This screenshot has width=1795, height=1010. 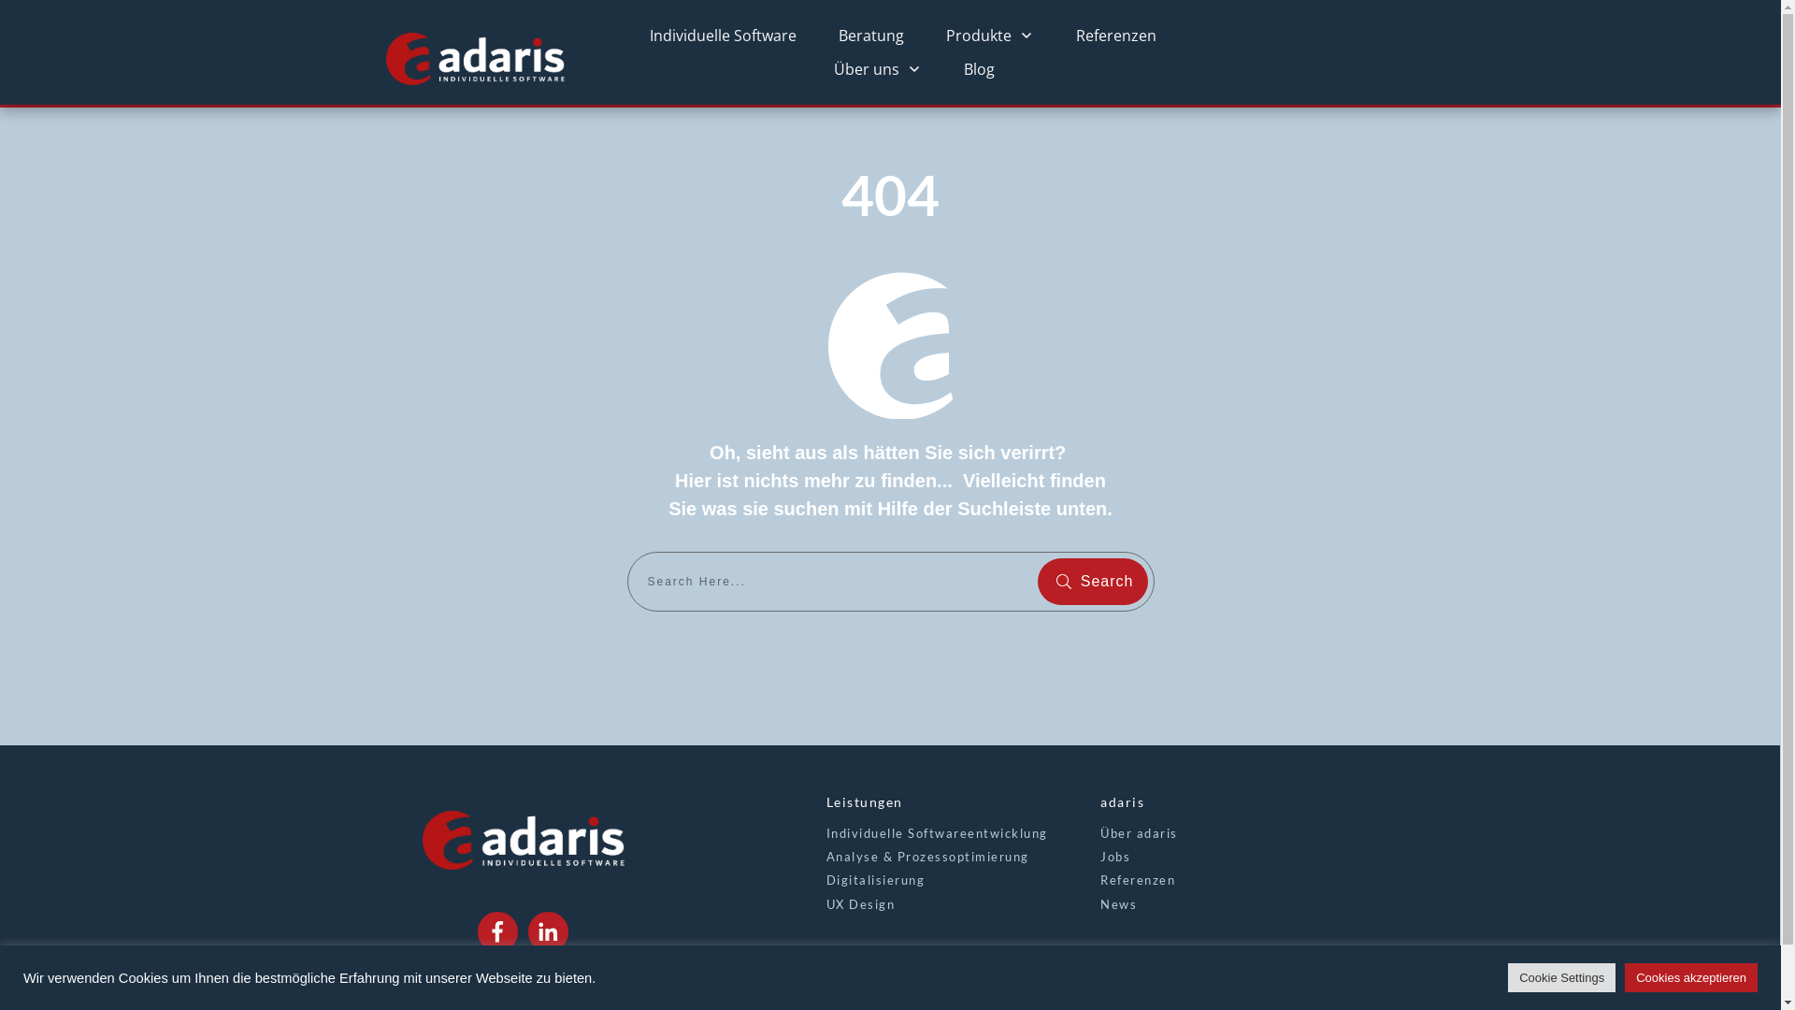 What do you see at coordinates (1115, 856) in the screenshot?
I see `'Jobs'` at bounding box center [1115, 856].